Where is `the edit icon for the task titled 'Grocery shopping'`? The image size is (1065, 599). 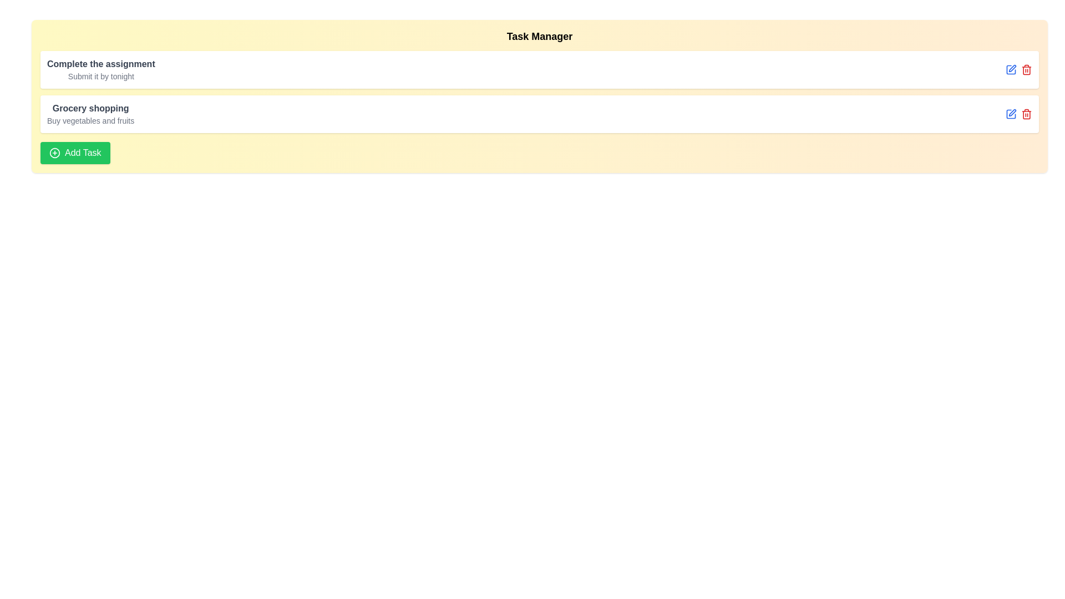
the edit icon for the task titled 'Grocery shopping' is located at coordinates (1011, 114).